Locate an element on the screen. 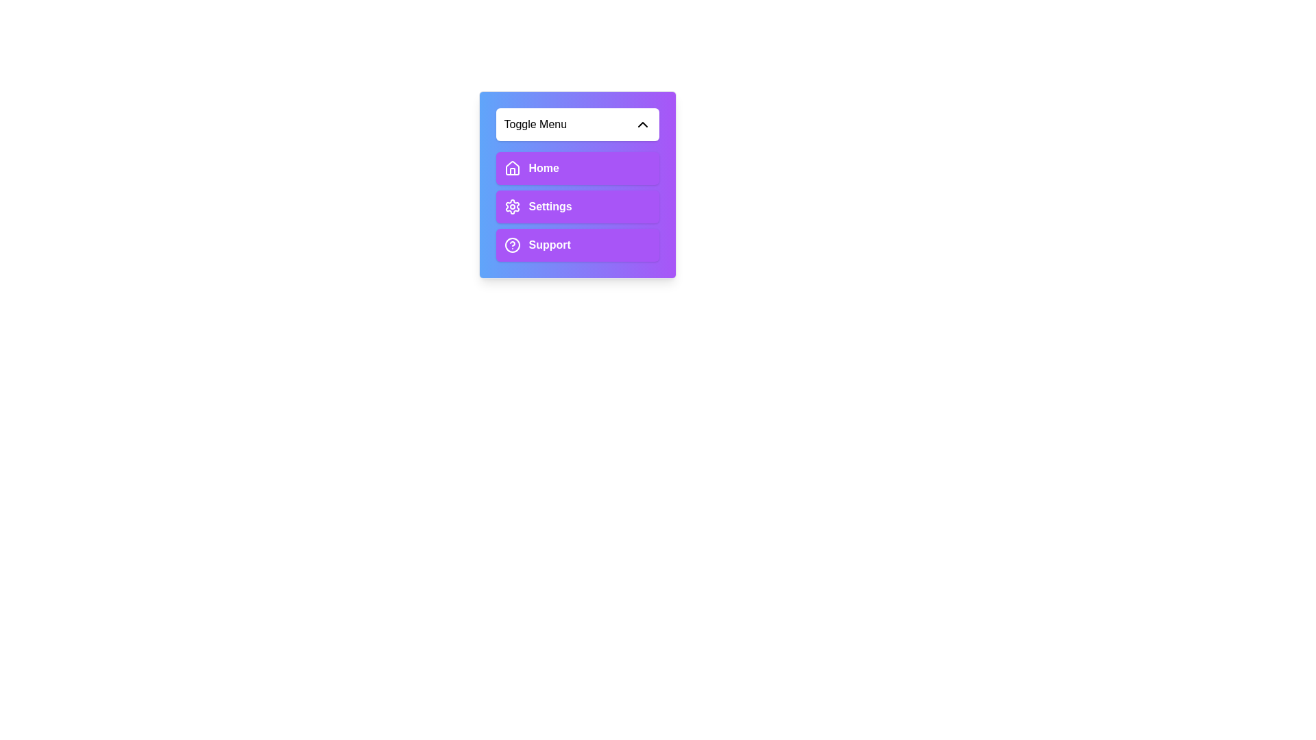 The image size is (1316, 740). the text label that displays the word 'Support', which is styled in bold font and positioned next to a question mark icon within a rectangular button element is located at coordinates (550, 245).